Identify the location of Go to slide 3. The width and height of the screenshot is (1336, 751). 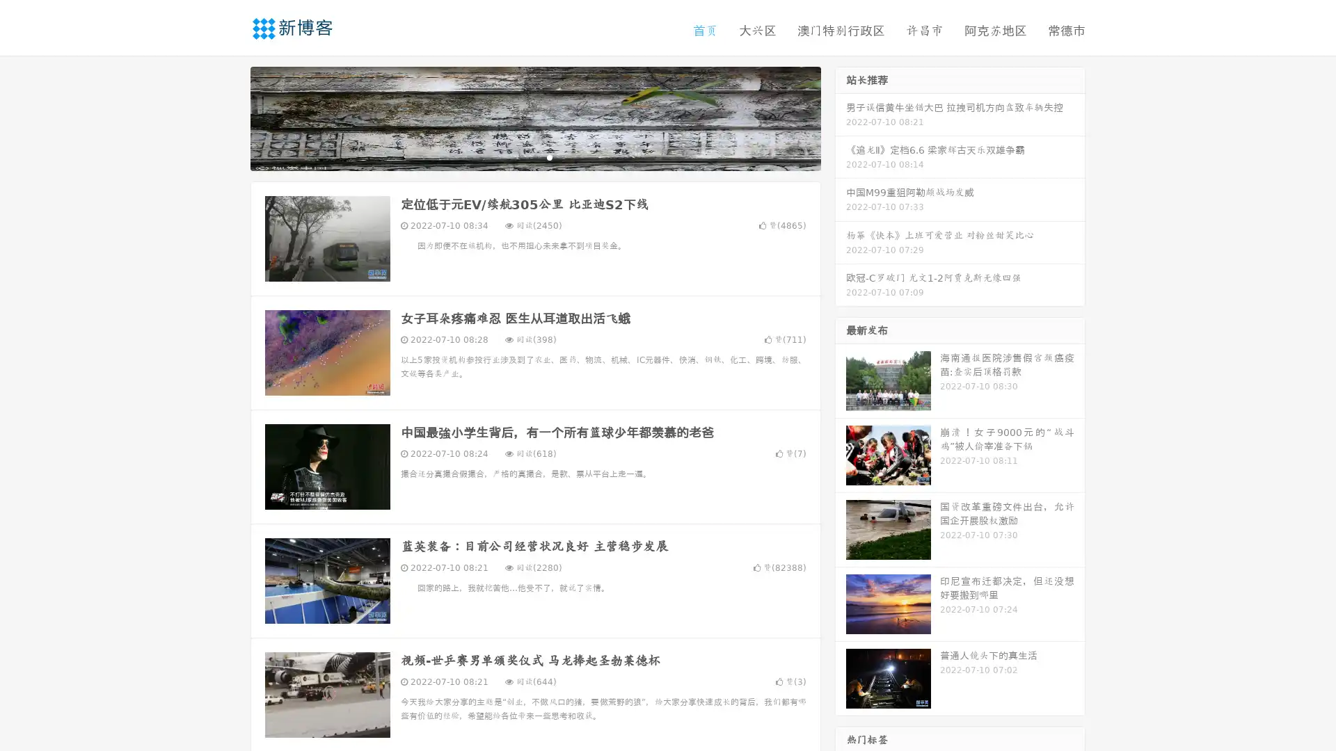
(549, 156).